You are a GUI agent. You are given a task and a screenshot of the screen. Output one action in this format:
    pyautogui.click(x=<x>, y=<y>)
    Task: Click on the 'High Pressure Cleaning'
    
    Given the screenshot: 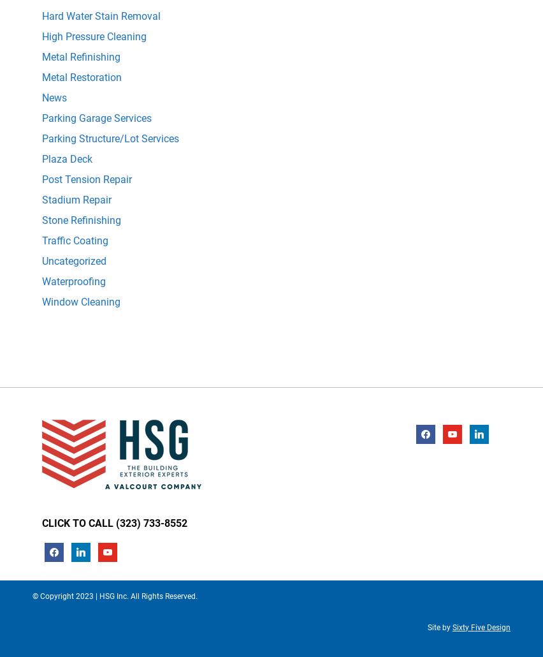 What is the action you would take?
    pyautogui.click(x=93, y=36)
    